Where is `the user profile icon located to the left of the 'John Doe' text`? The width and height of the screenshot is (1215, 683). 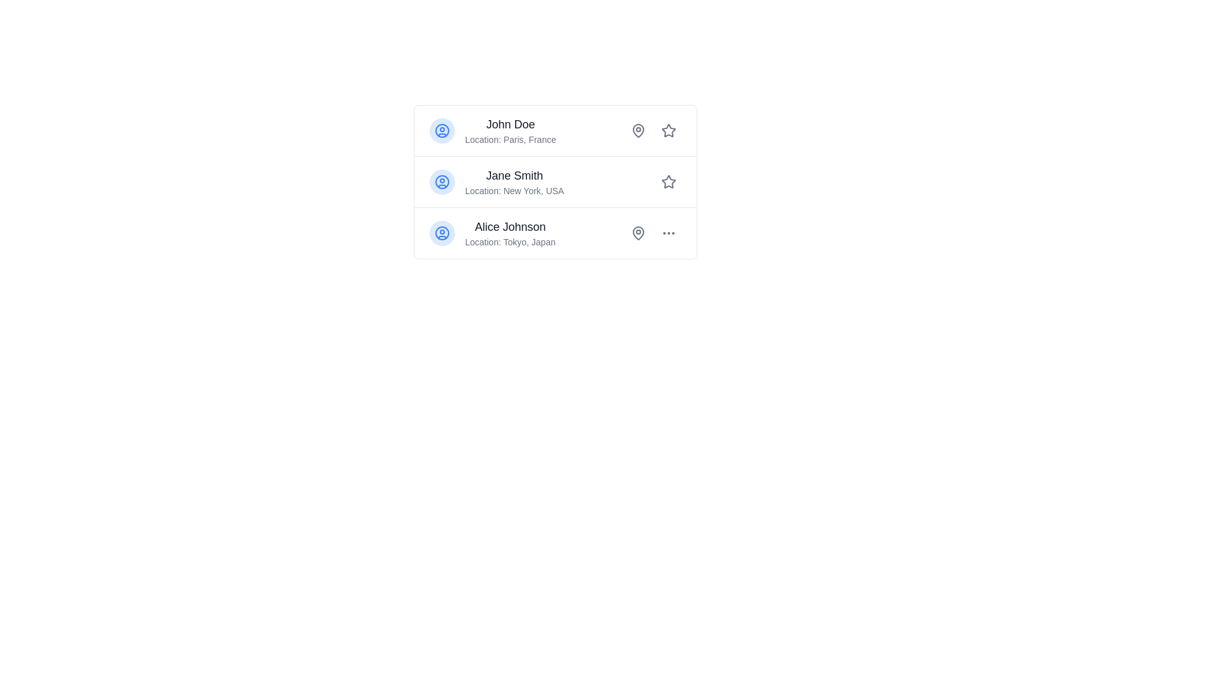 the user profile icon located to the left of the 'John Doe' text is located at coordinates (442, 131).